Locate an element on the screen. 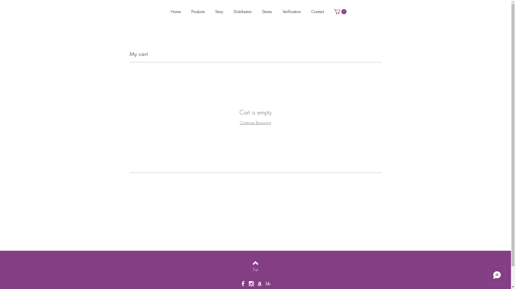 Image resolution: width=515 pixels, height=289 pixels. 'Verification' is located at coordinates (282, 12).